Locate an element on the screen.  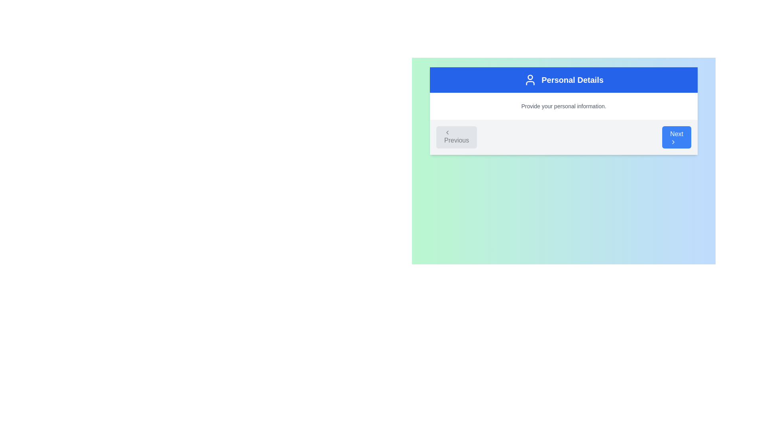
the blue rectangular header element labeled 'Personal Details' which is visually distinctive and contains a user icon to the left of the text is located at coordinates (563, 80).